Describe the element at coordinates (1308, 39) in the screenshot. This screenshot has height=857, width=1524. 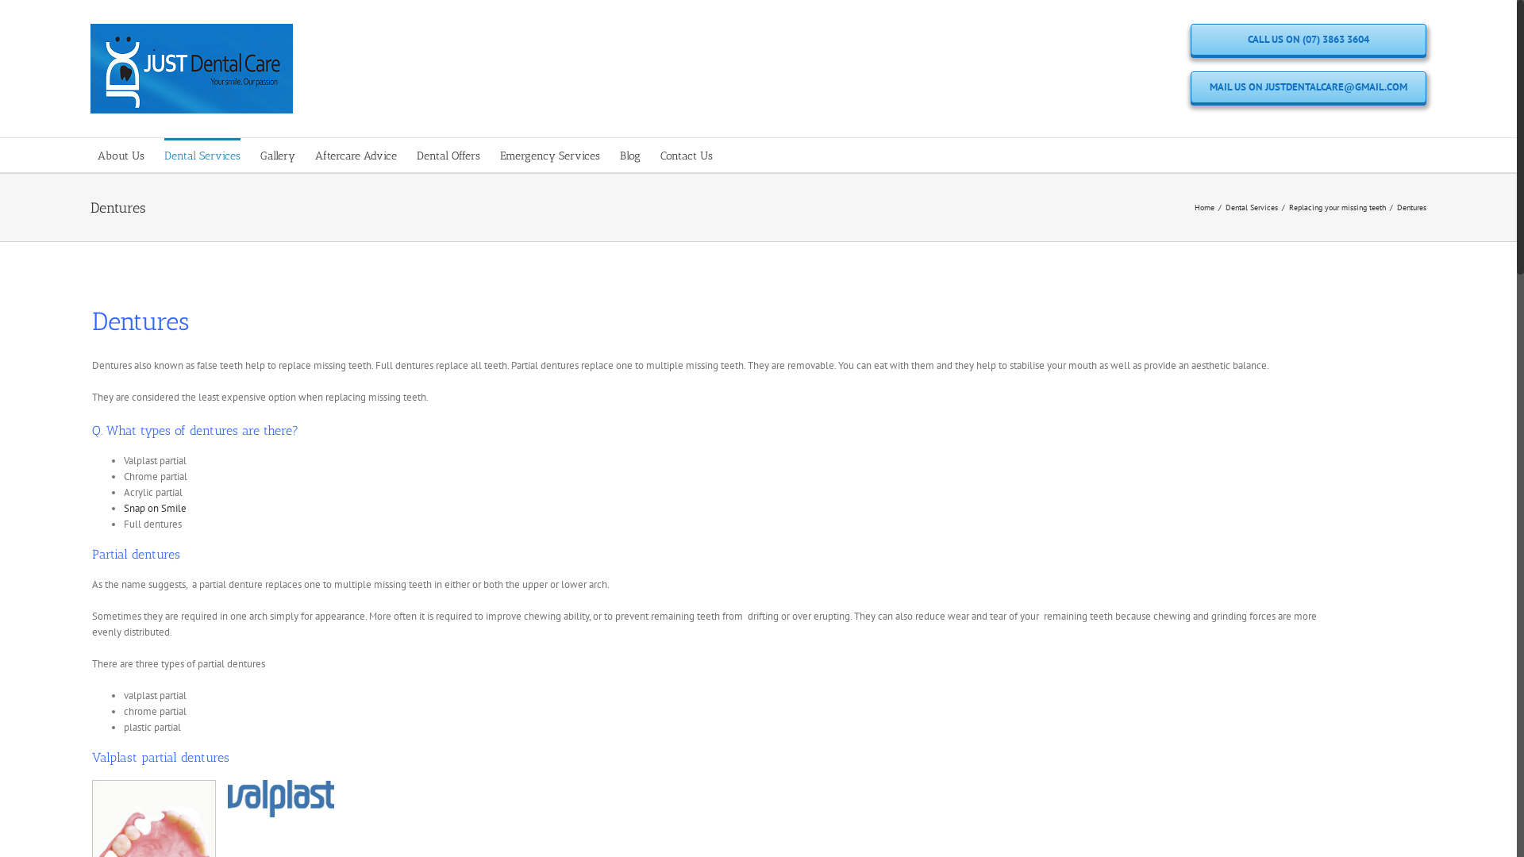
I see `'CALL US ON (07) 3863 3604'` at that location.